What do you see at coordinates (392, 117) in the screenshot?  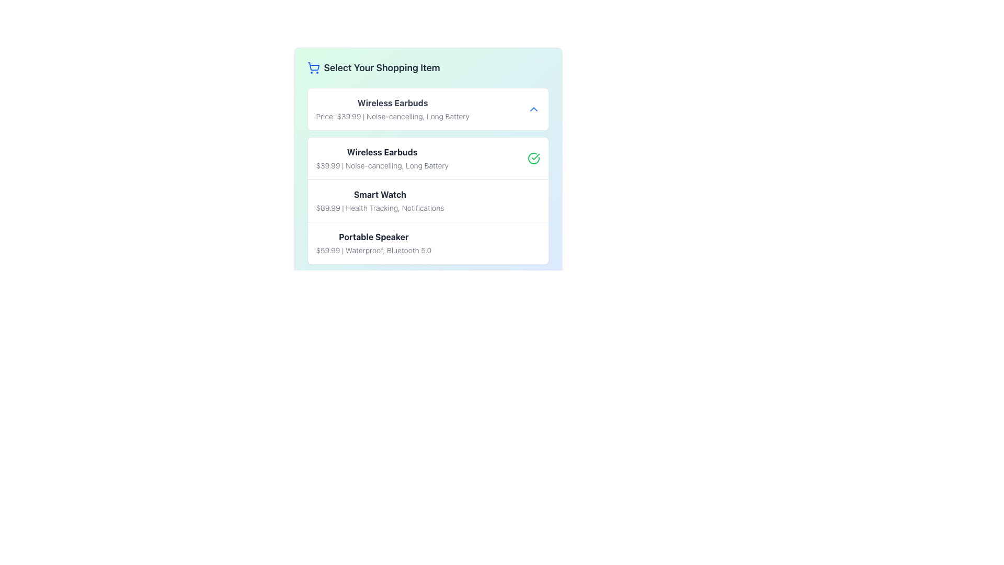 I see `the static text displaying 'Price: $39.99 | Noise-cancelling, Long Battery', which is positioned directly below the 'Wireless Earbuds' header` at bounding box center [392, 117].